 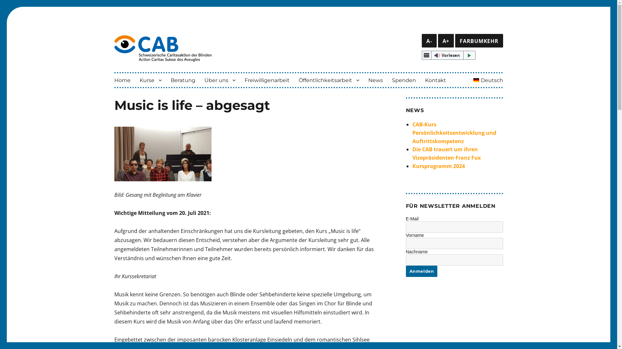 What do you see at coordinates (239, 79) in the screenshot?
I see `'Freiwilligenarbeit'` at bounding box center [239, 79].